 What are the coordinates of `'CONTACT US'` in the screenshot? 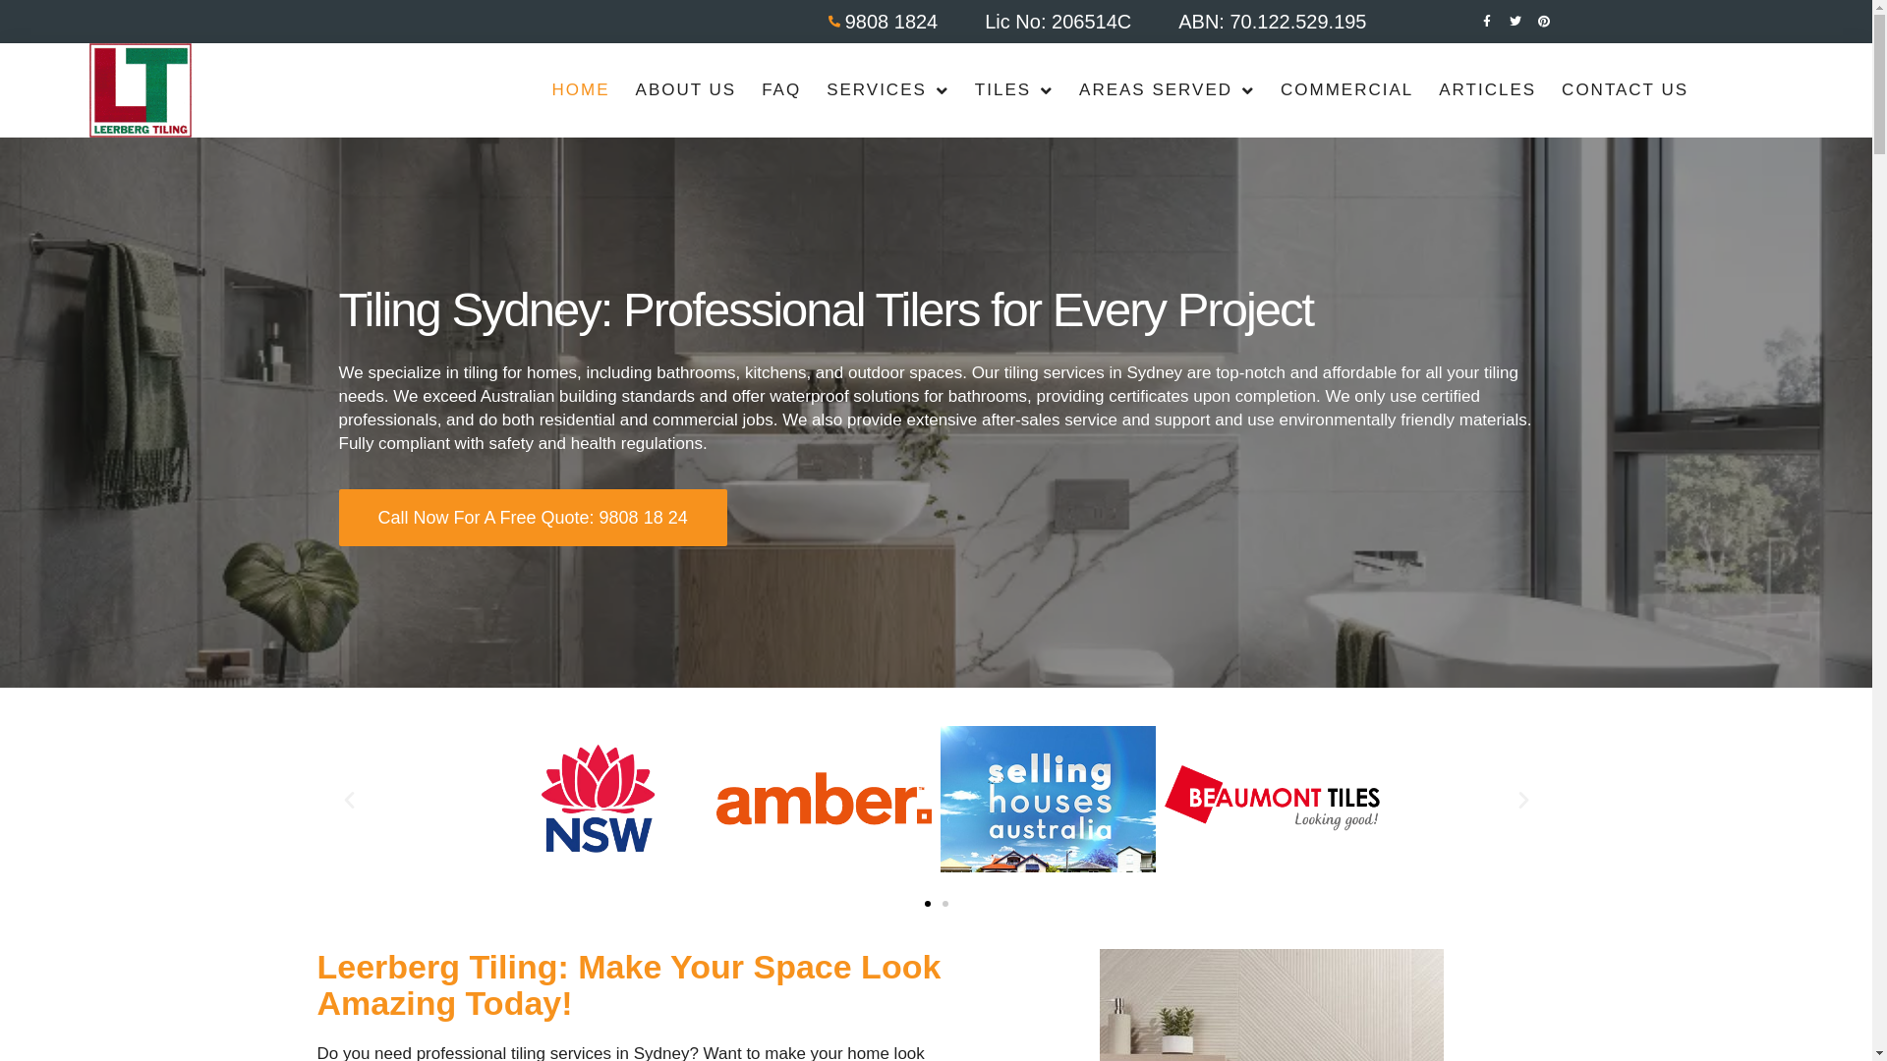 It's located at (1625, 90).